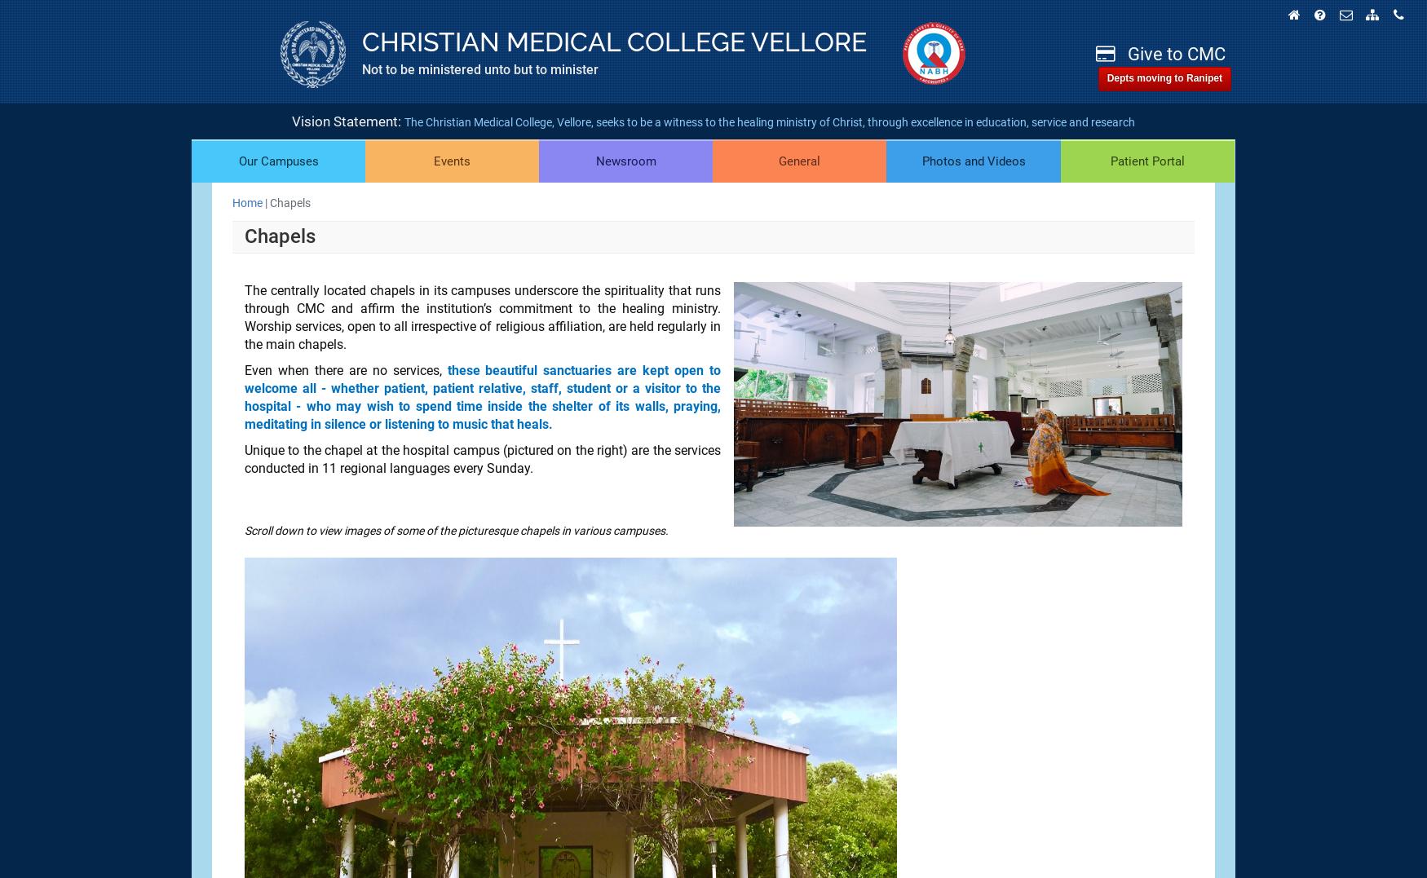  I want to click on 'Scroll down to view images of some of the picturesque chapels in various campuses.', so click(456, 531).